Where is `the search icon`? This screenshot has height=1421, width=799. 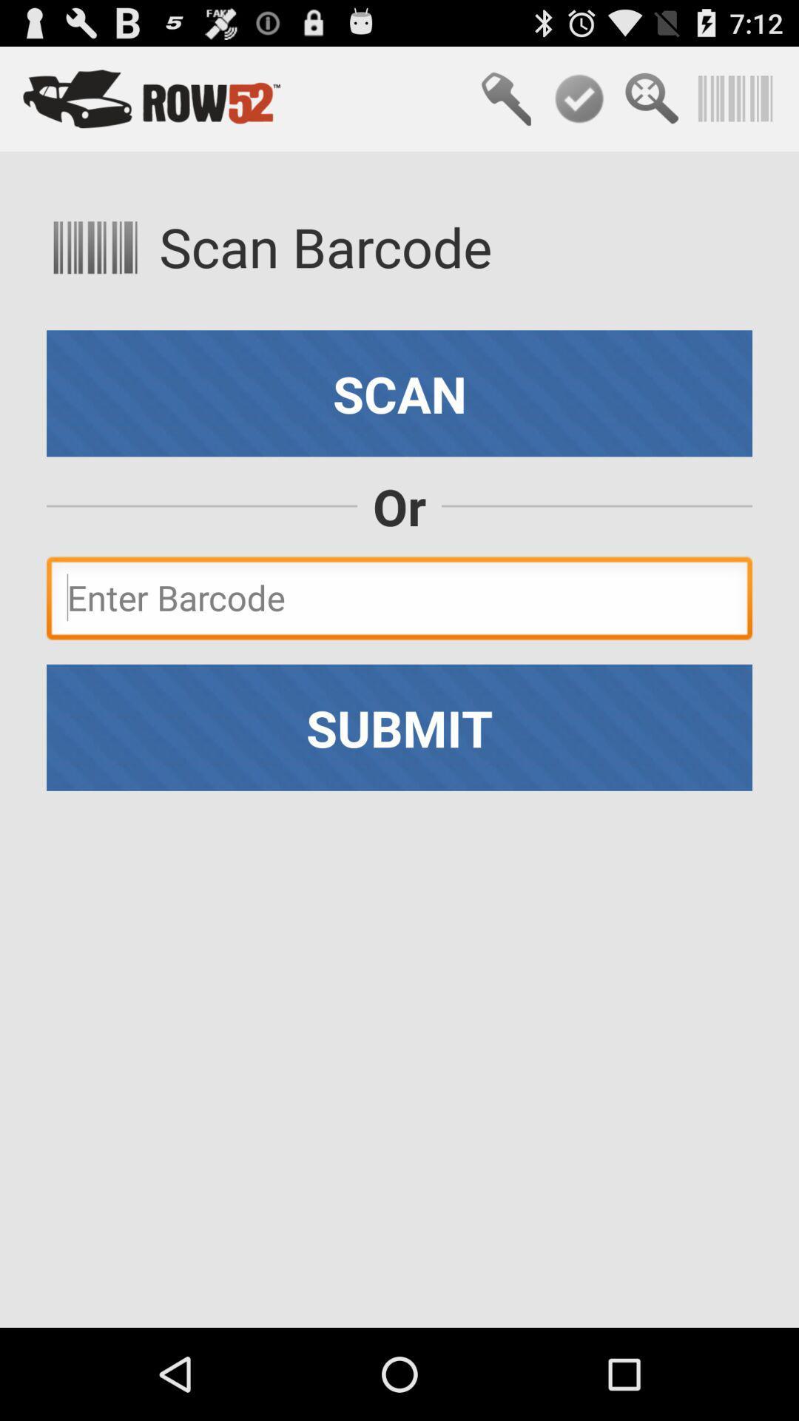
the search icon is located at coordinates (651, 105).